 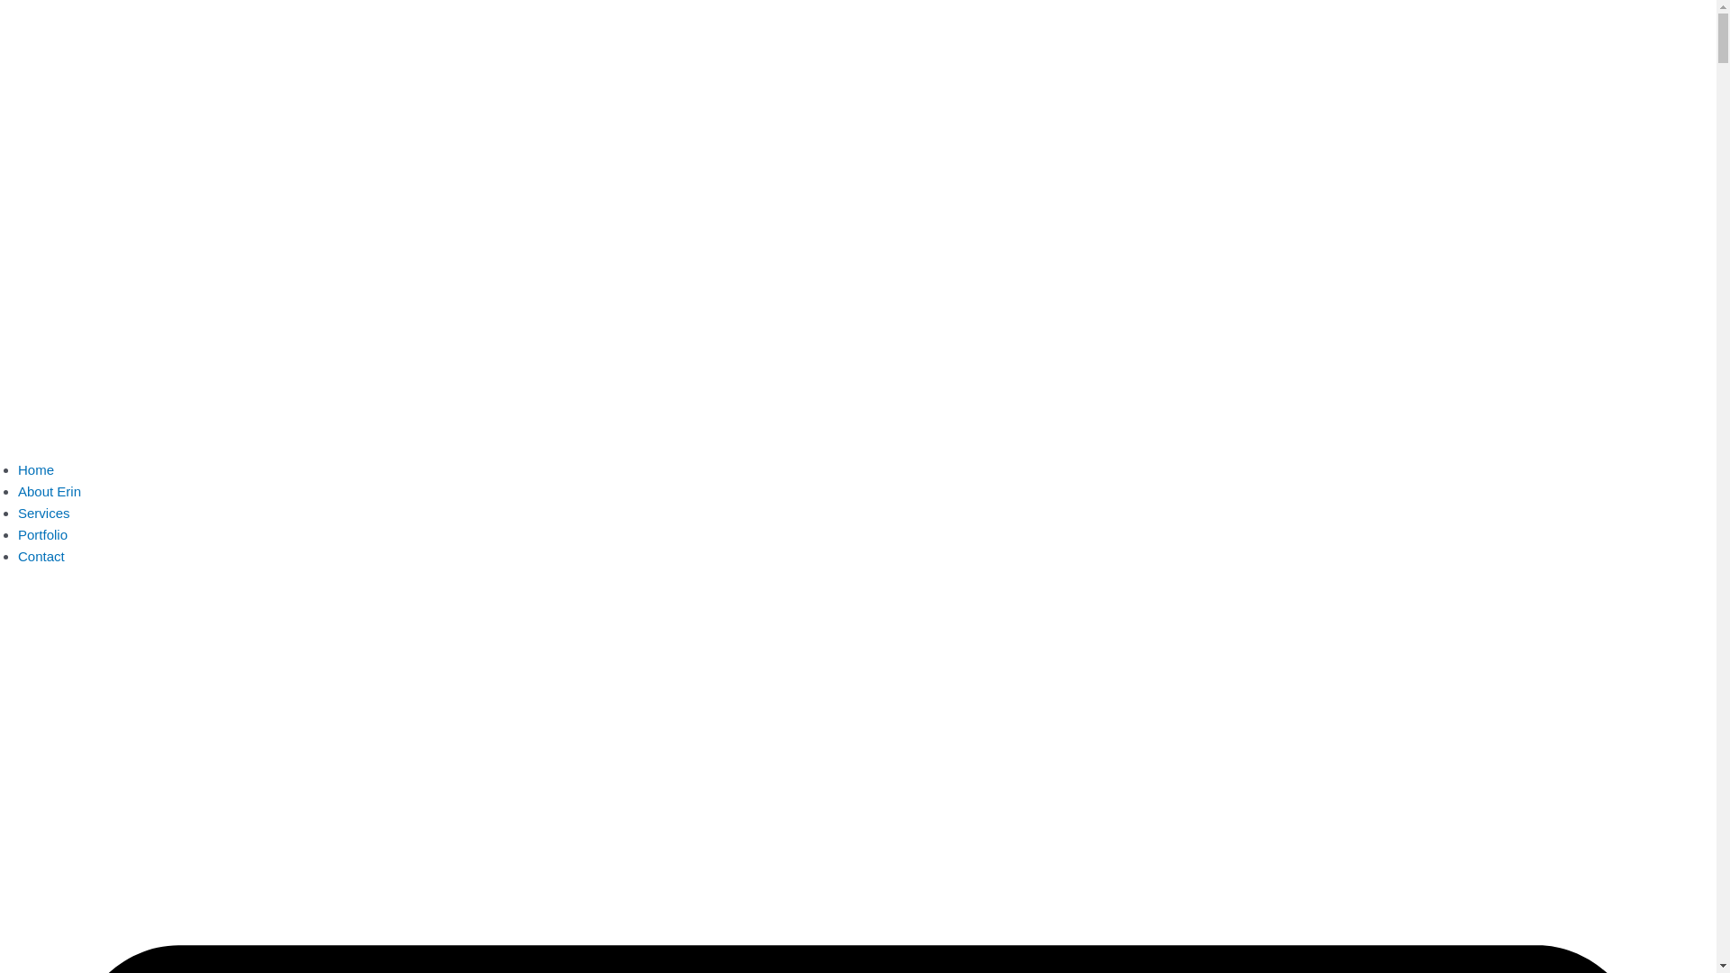 What do you see at coordinates (43, 513) in the screenshot?
I see `'Services'` at bounding box center [43, 513].